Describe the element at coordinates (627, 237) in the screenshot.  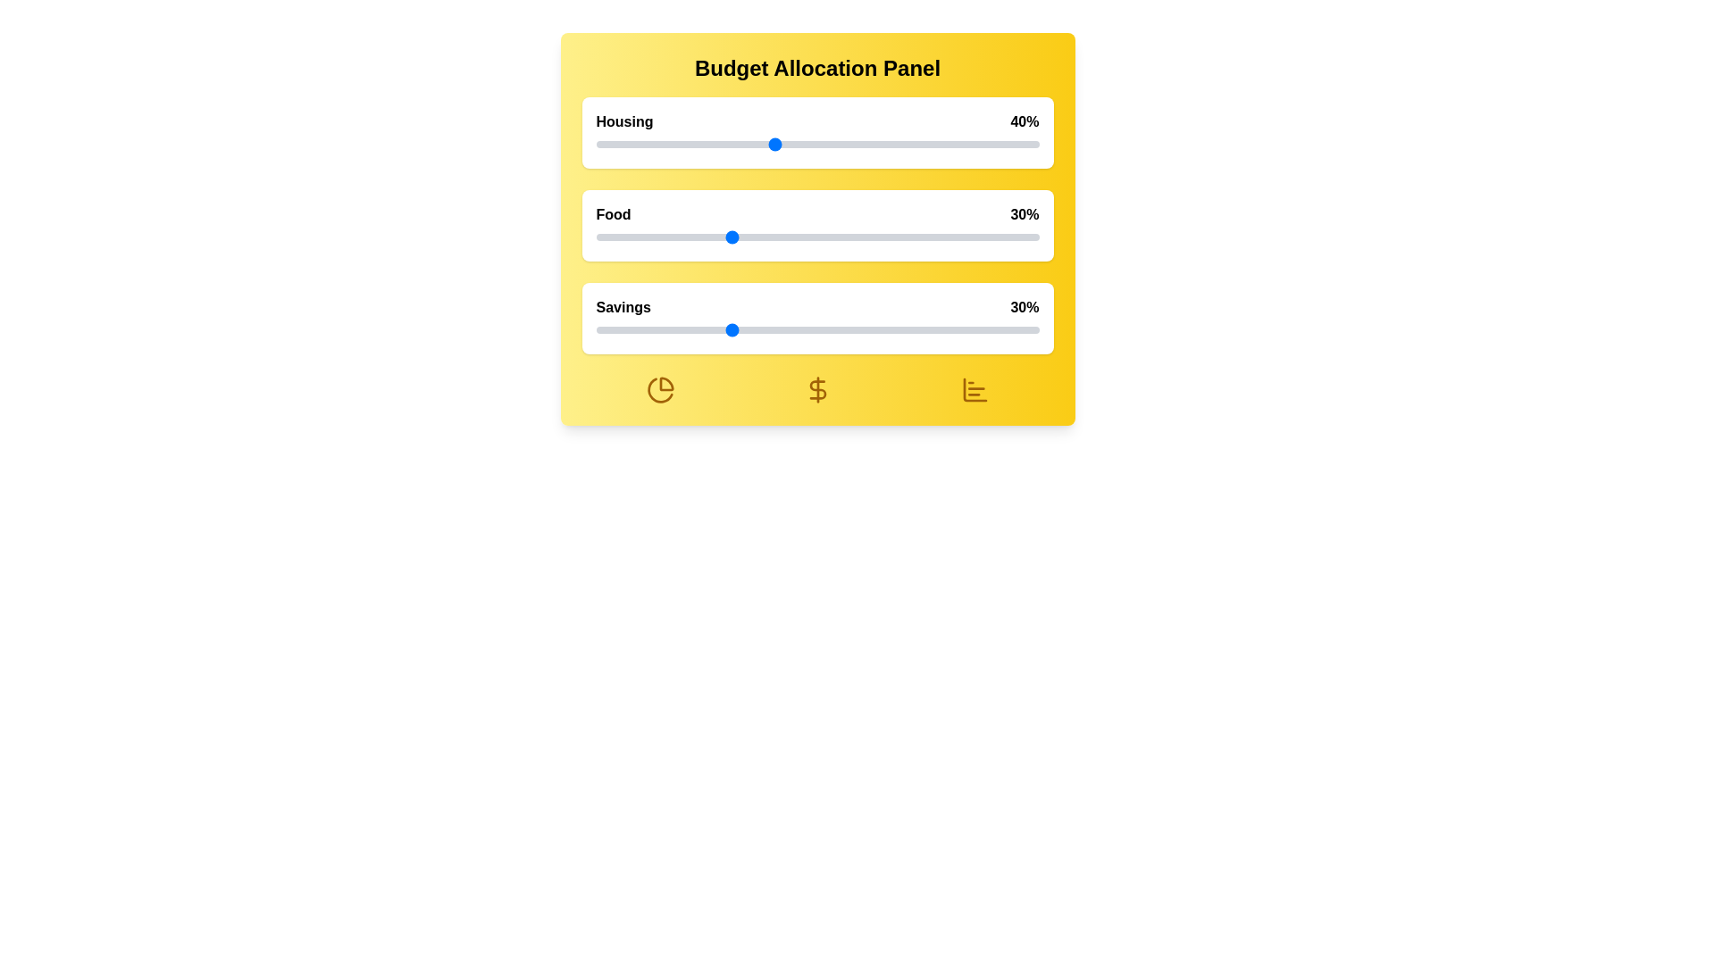
I see `the slider` at that location.